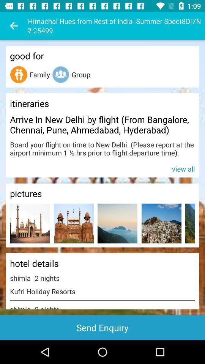 Image resolution: width=205 pixels, height=364 pixels. I want to click on the picture, so click(117, 223).